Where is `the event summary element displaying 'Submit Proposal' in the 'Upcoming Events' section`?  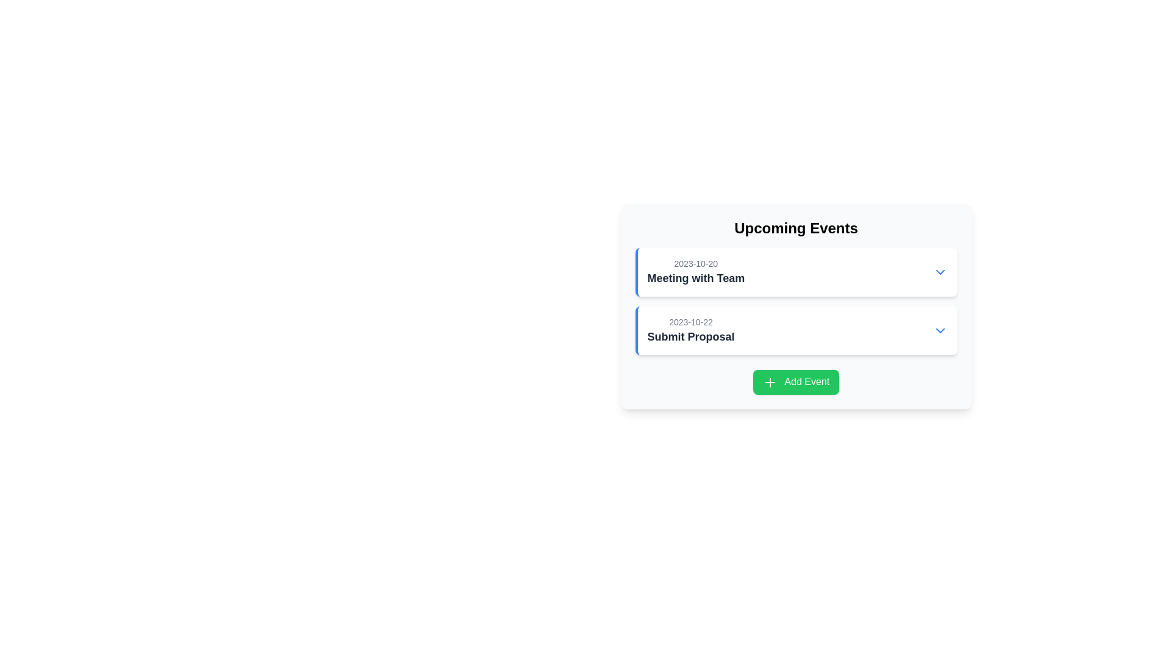
the event summary element displaying 'Submit Proposal' in the 'Upcoming Events' section is located at coordinates (797, 331).